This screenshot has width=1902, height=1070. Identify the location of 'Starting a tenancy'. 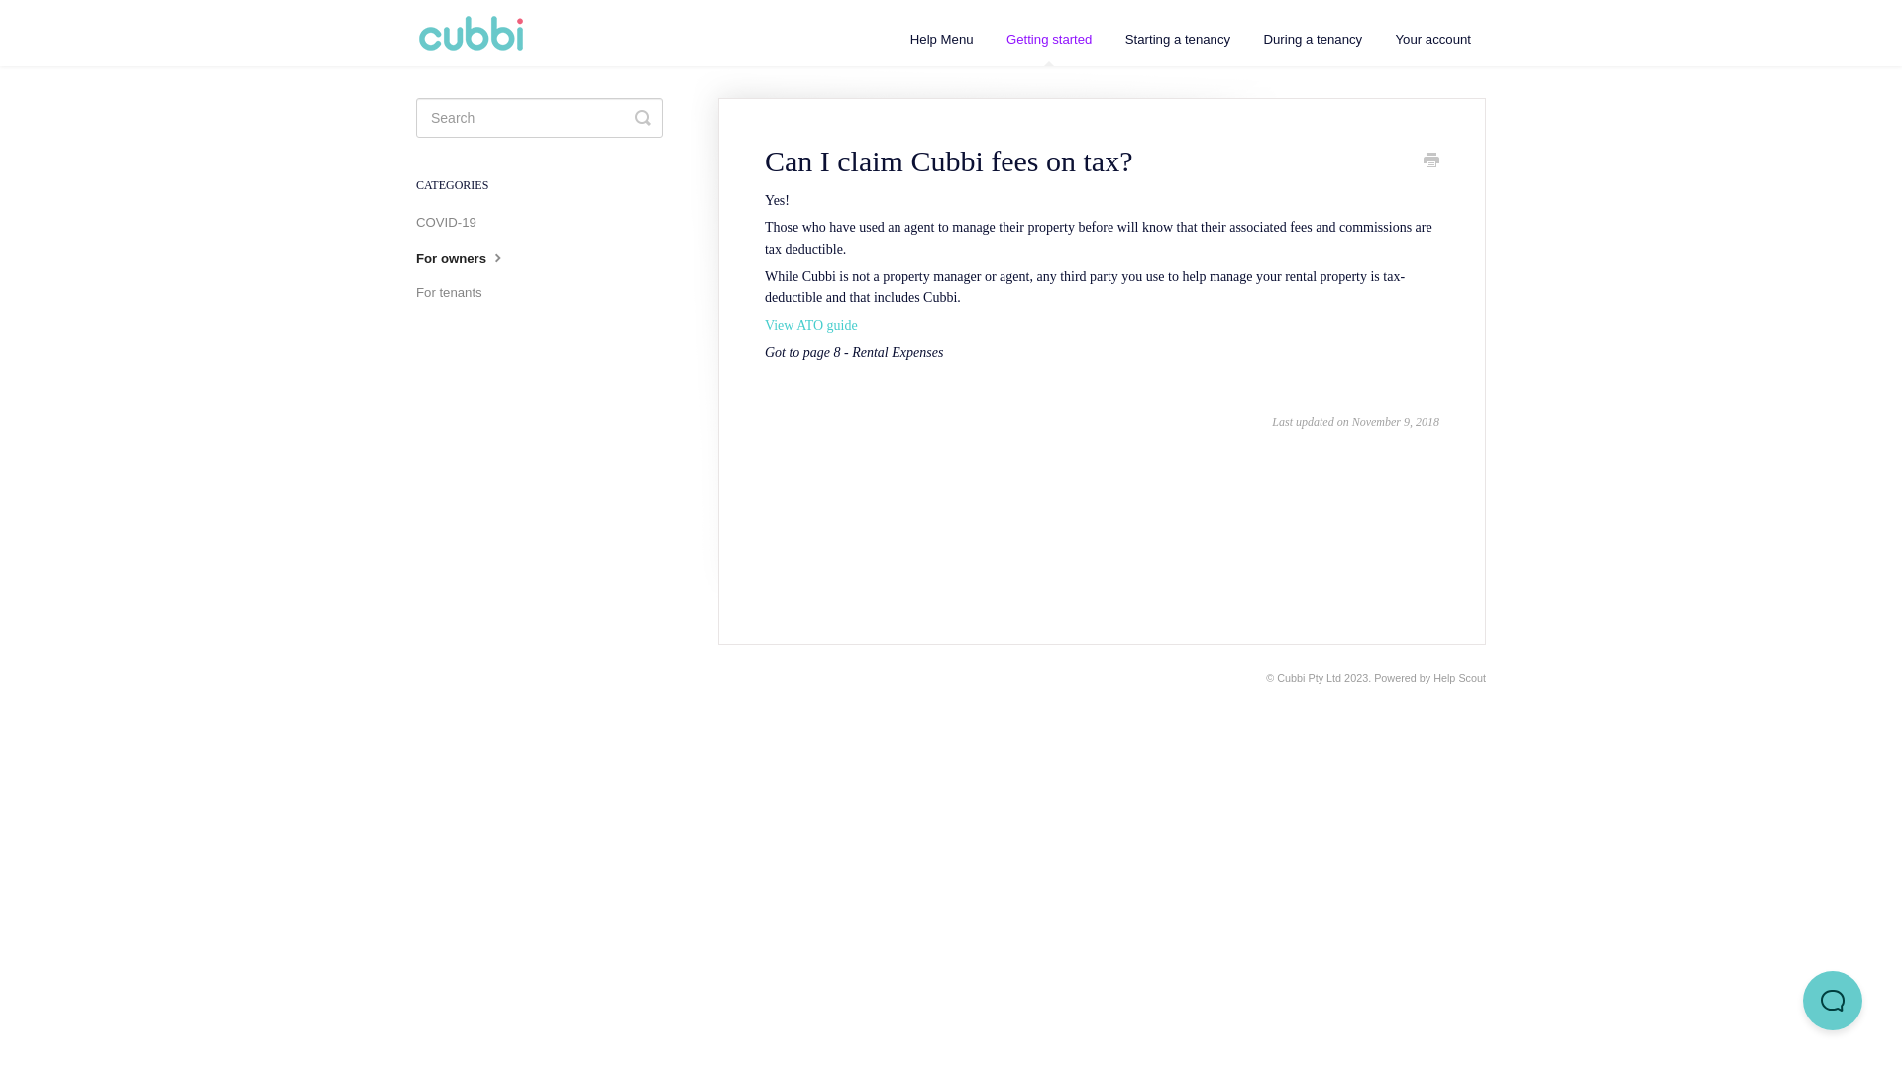
(1110, 39).